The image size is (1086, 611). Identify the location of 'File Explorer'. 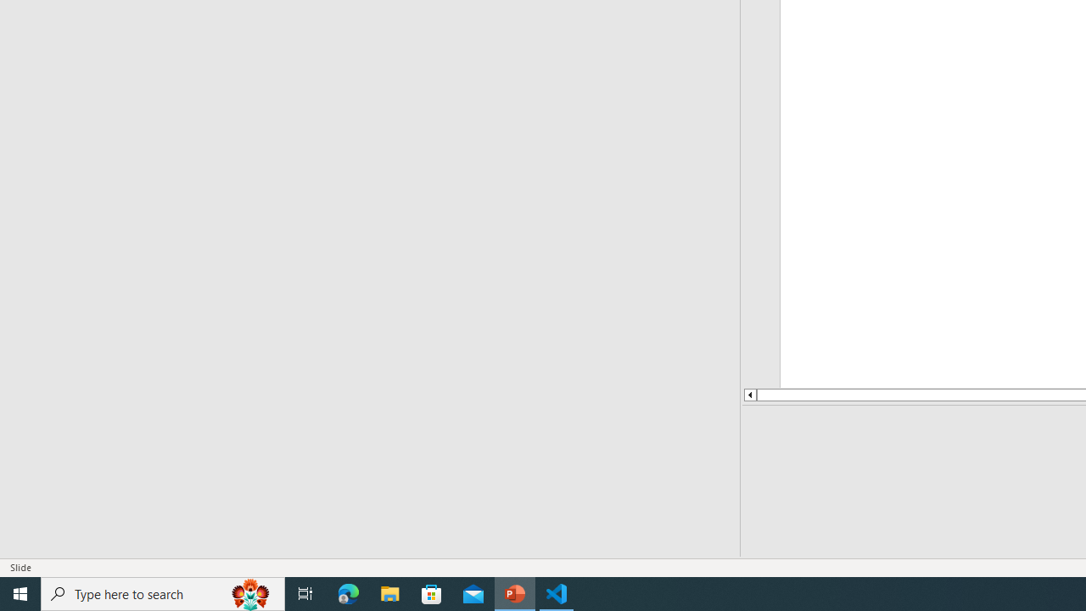
(389, 592).